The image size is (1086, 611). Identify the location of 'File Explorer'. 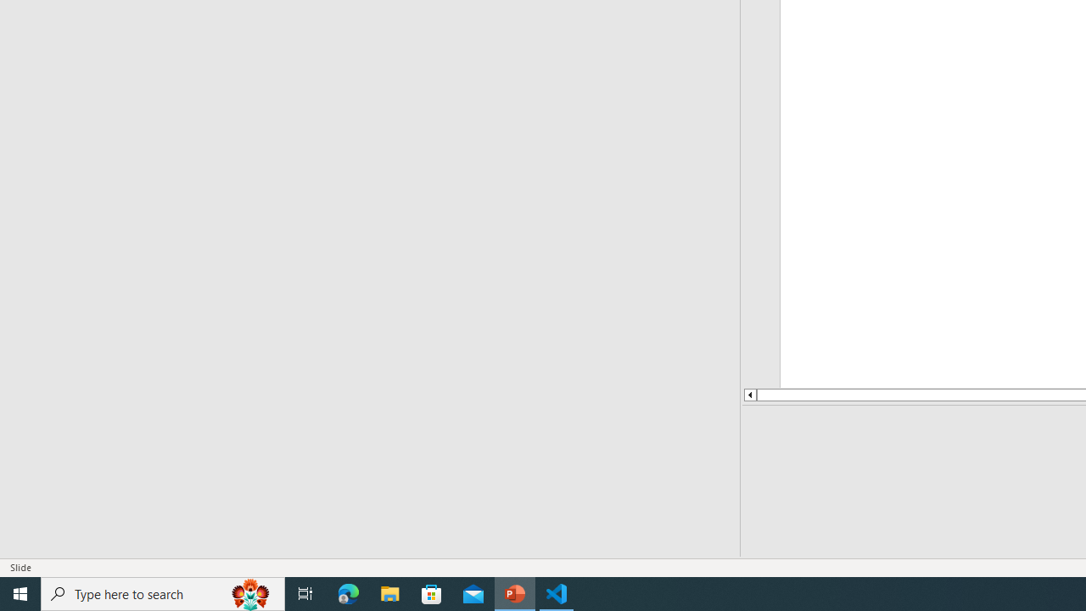
(389, 592).